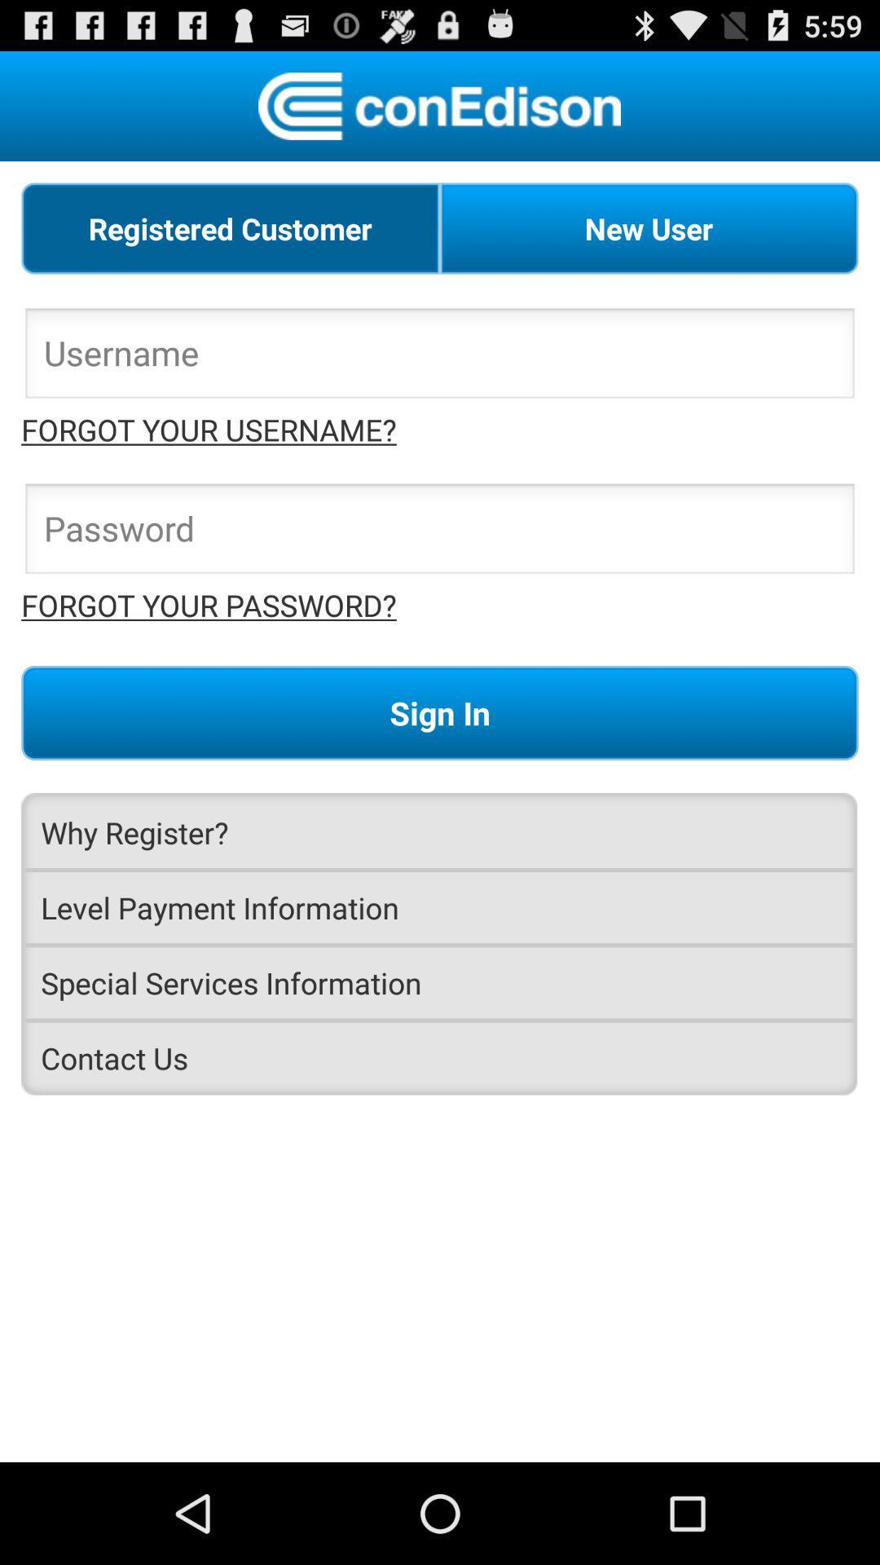 This screenshot has height=1565, width=880. Describe the element at coordinates (231, 227) in the screenshot. I see `registered customer` at that location.